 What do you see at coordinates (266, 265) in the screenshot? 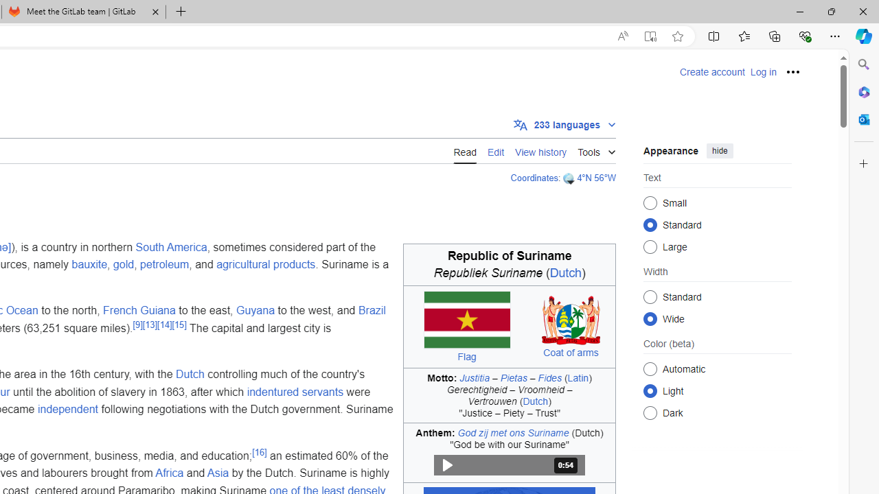
I see `'agricultural products'` at bounding box center [266, 265].